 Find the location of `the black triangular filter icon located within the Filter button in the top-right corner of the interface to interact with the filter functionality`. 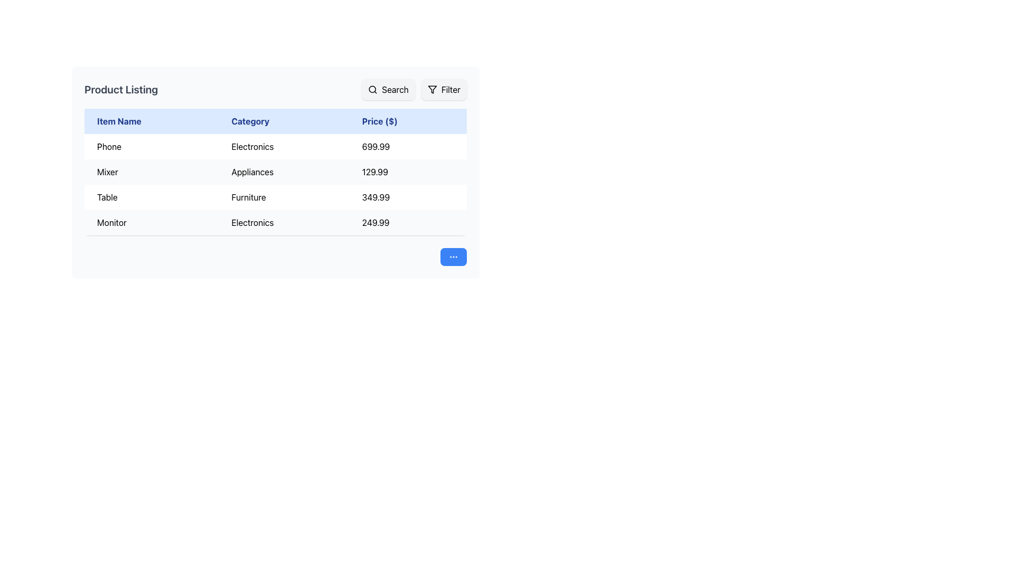

the black triangular filter icon located within the Filter button in the top-right corner of the interface to interact with the filter functionality is located at coordinates (432, 89).